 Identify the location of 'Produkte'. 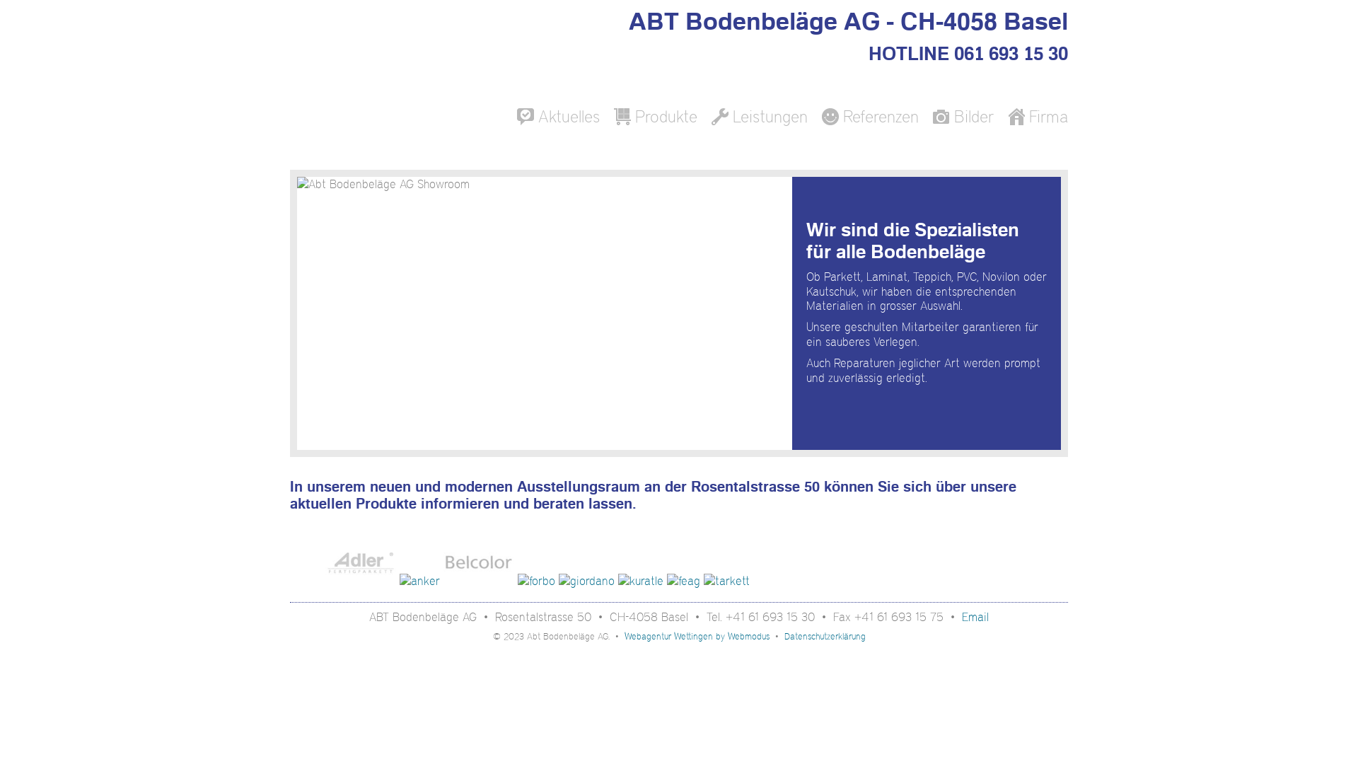
(654, 116).